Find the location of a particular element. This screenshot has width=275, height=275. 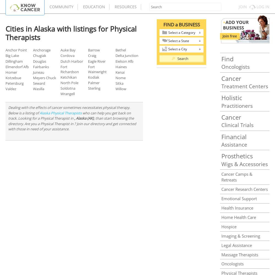

'Cancer Camps & Retreats' is located at coordinates (237, 177).